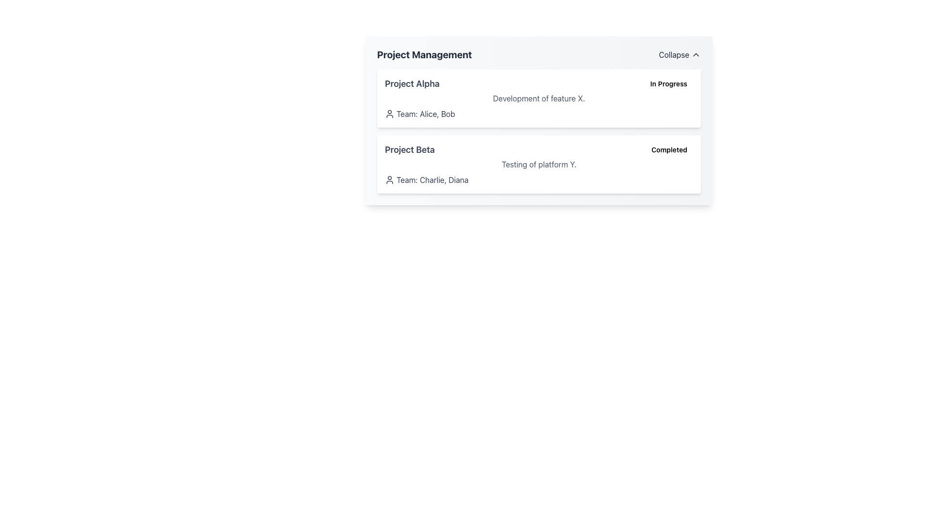 Image resolution: width=932 pixels, height=524 pixels. What do you see at coordinates (538, 98) in the screenshot?
I see `the informational text label element that describes the specific task or feature related to 'Project Alpha'` at bounding box center [538, 98].